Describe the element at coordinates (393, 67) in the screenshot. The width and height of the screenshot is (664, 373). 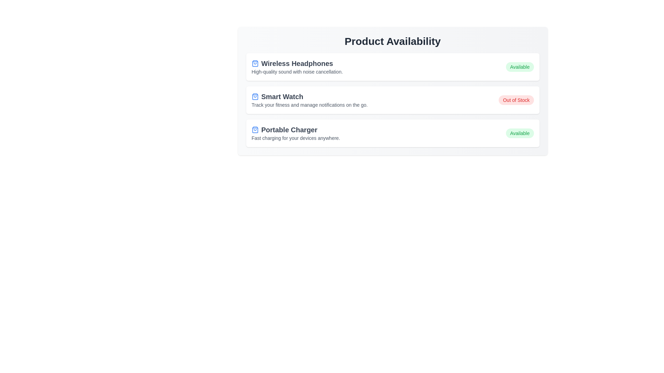
I see `the product Wireless Headphones to reveal additional options` at that location.